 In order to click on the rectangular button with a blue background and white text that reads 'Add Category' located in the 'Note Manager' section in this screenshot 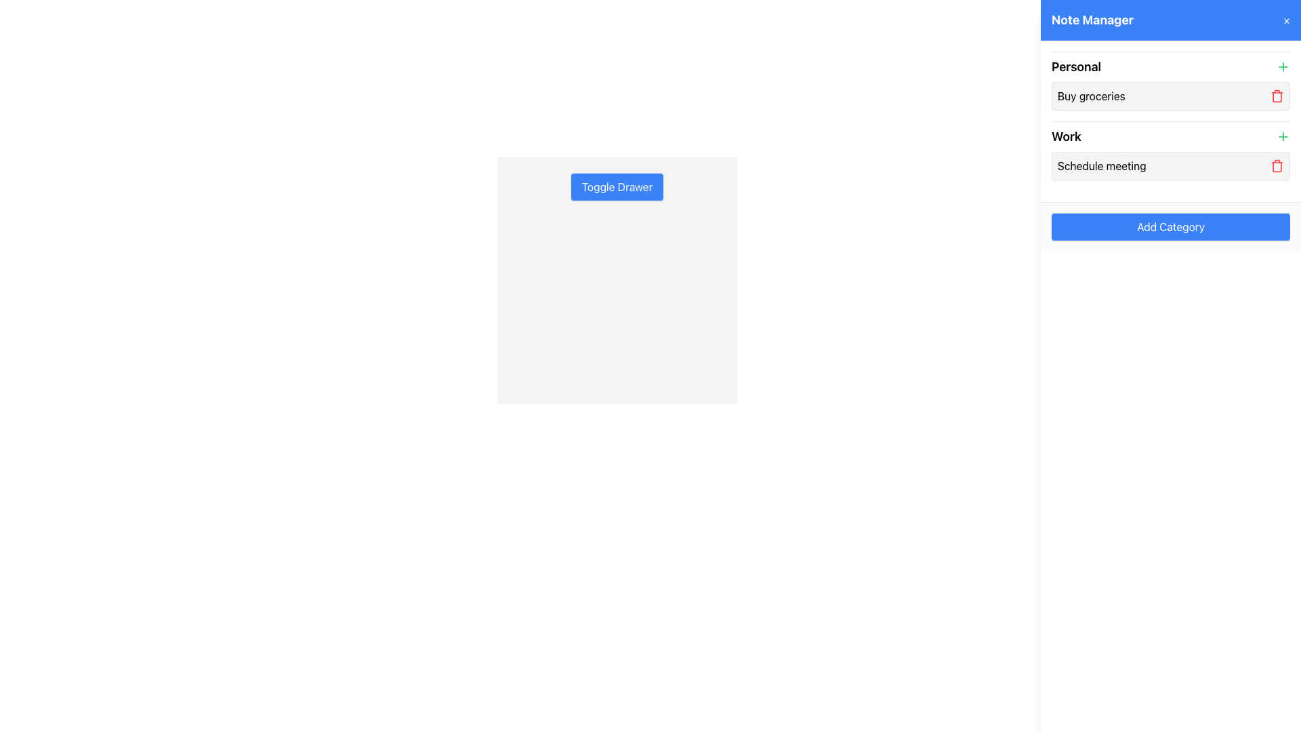, I will do `click(1170, 226)`.